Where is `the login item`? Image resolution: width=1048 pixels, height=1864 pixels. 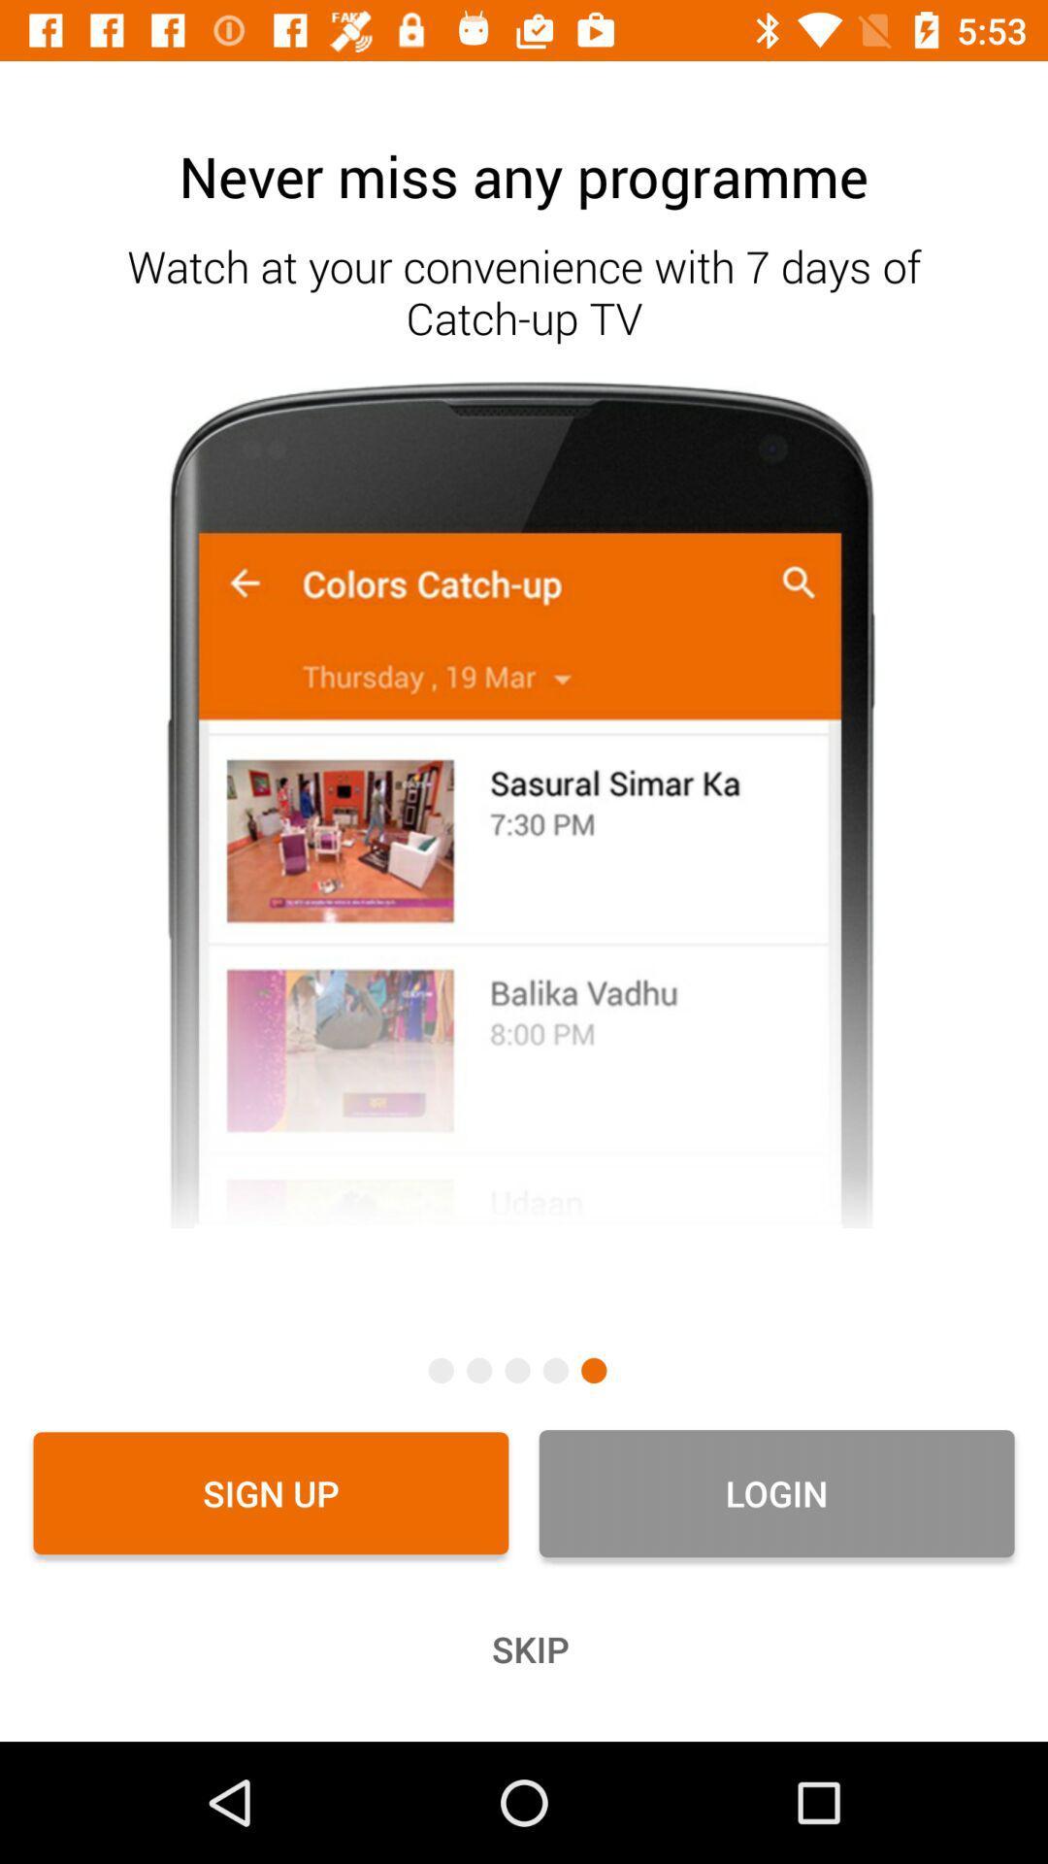 the login item is located at coordinates (775, 1492).